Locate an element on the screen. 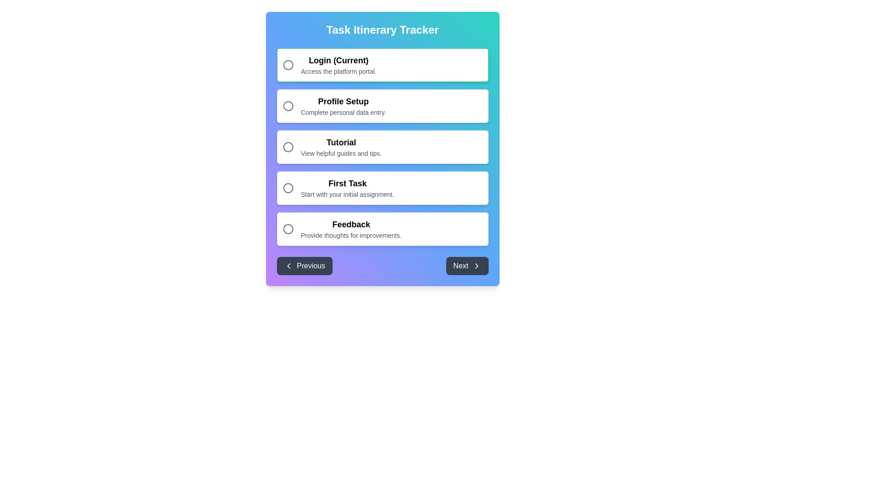  the Circle graphical element functioning as a radio button or status indicator located within the 'Profile Setup' list item is located at coordinates (287, 105).